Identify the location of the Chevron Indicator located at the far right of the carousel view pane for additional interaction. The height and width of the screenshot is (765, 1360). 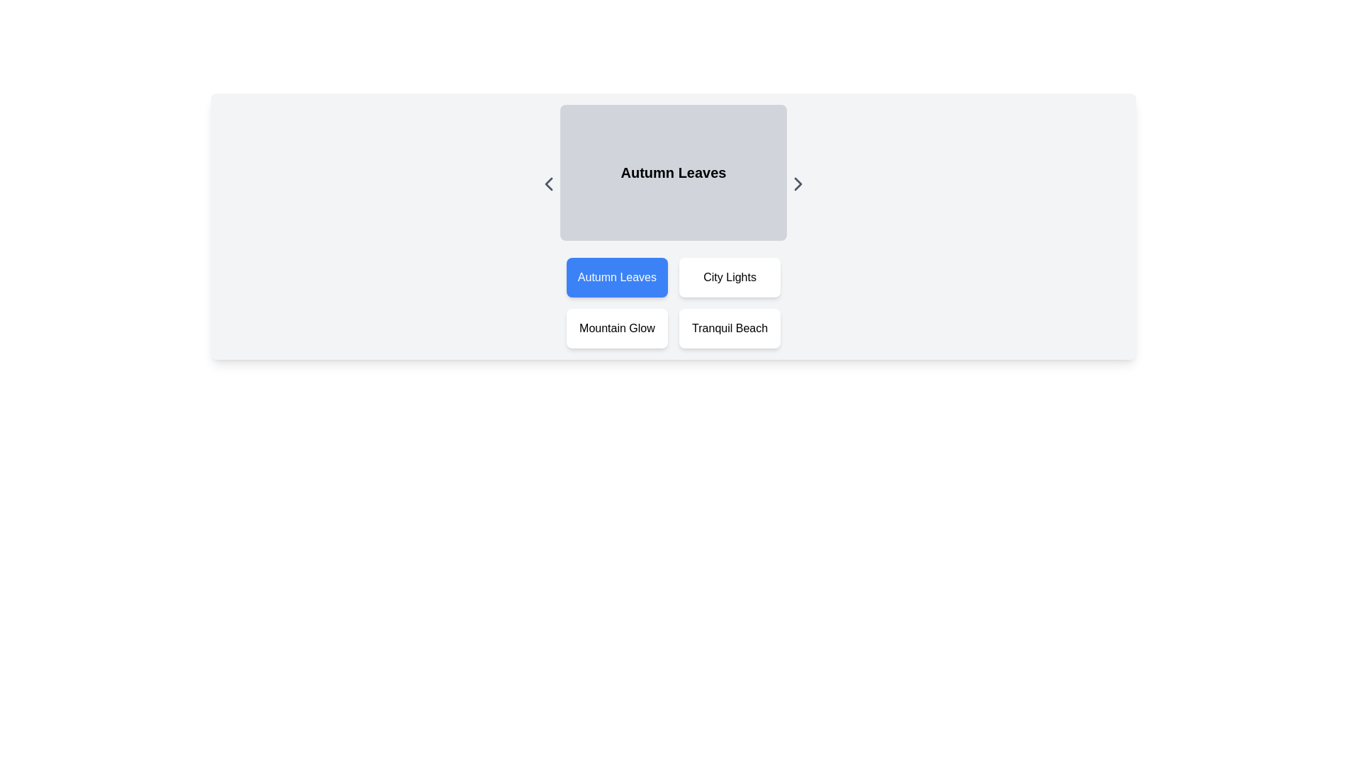
(798, 183).